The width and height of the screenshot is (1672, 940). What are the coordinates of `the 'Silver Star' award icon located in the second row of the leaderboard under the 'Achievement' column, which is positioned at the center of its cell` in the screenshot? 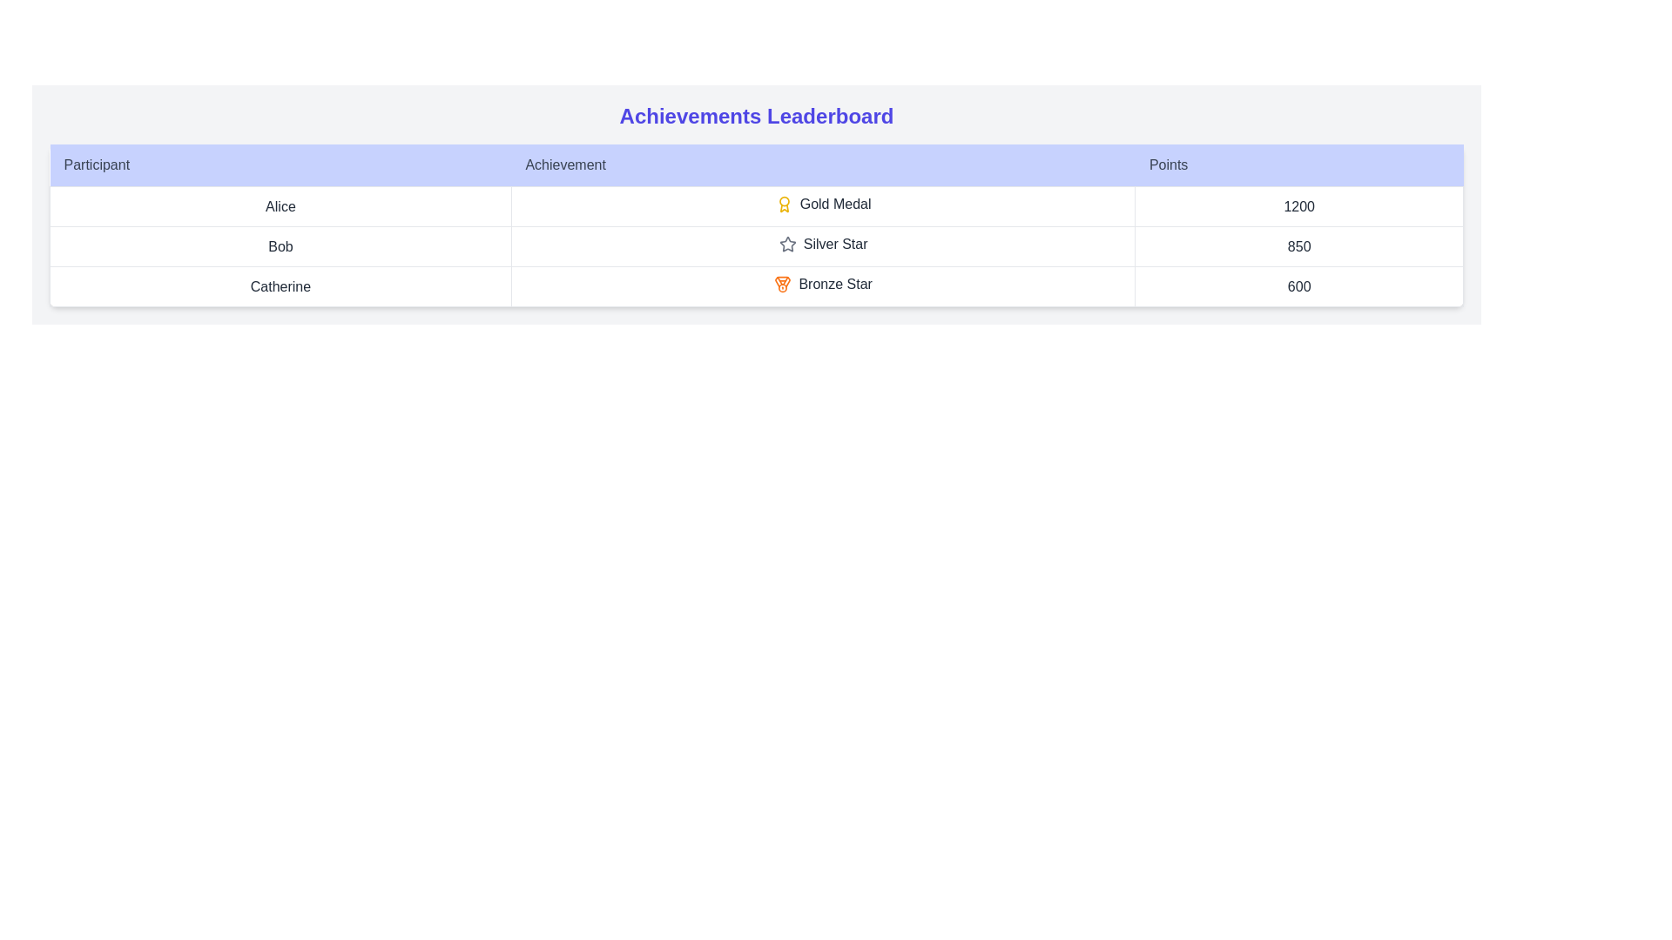 It's located at (786, 245).